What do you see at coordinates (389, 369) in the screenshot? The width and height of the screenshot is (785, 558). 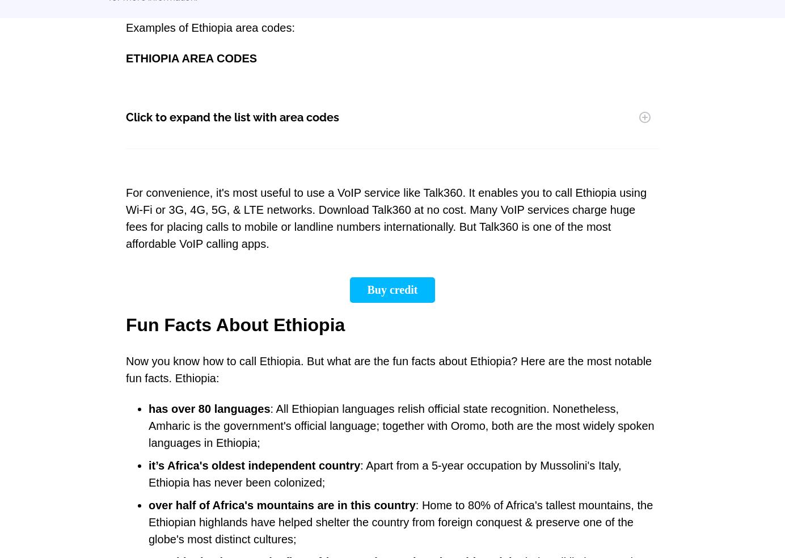 I see `'Now you know how to call Ethiopia. But what are the fun facts about Ethiopia? Here are the most notable fun facts. Ethiopia:'` at bounding box center [389, 369].